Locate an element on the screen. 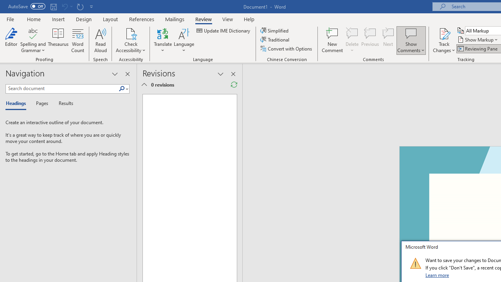 This screenshot has width=501, height=282. 'File Tab' is located at coordinates (10, 18).